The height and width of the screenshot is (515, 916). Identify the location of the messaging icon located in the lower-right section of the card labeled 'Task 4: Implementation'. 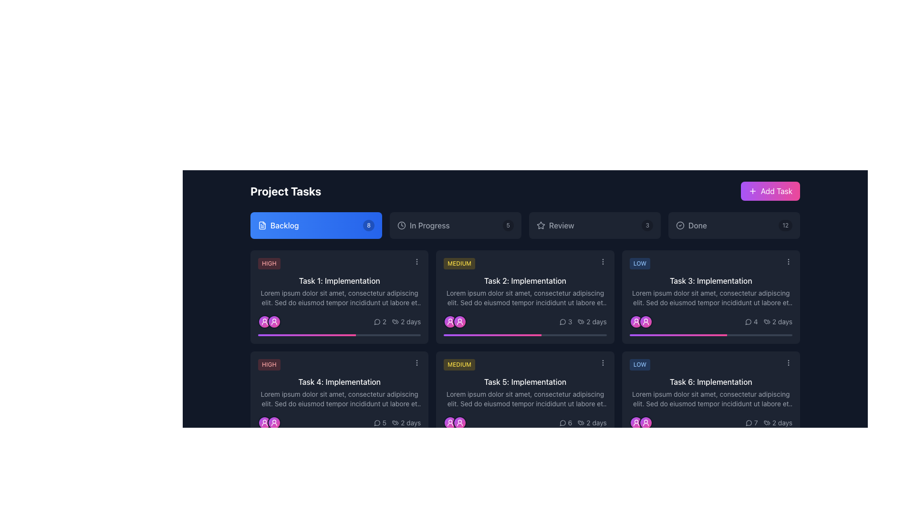
(376, 422).